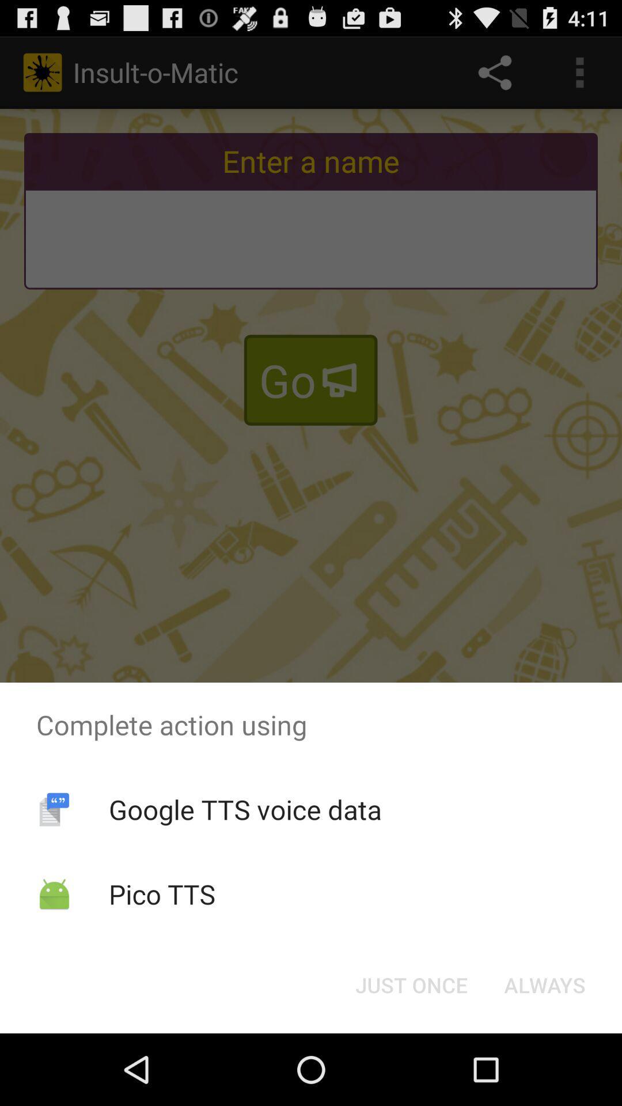 The image size is (622, 1106). What do you see at coordinates (411, 984) in the screenshot?
I see `the just once button` at bounding box center [411, 984].